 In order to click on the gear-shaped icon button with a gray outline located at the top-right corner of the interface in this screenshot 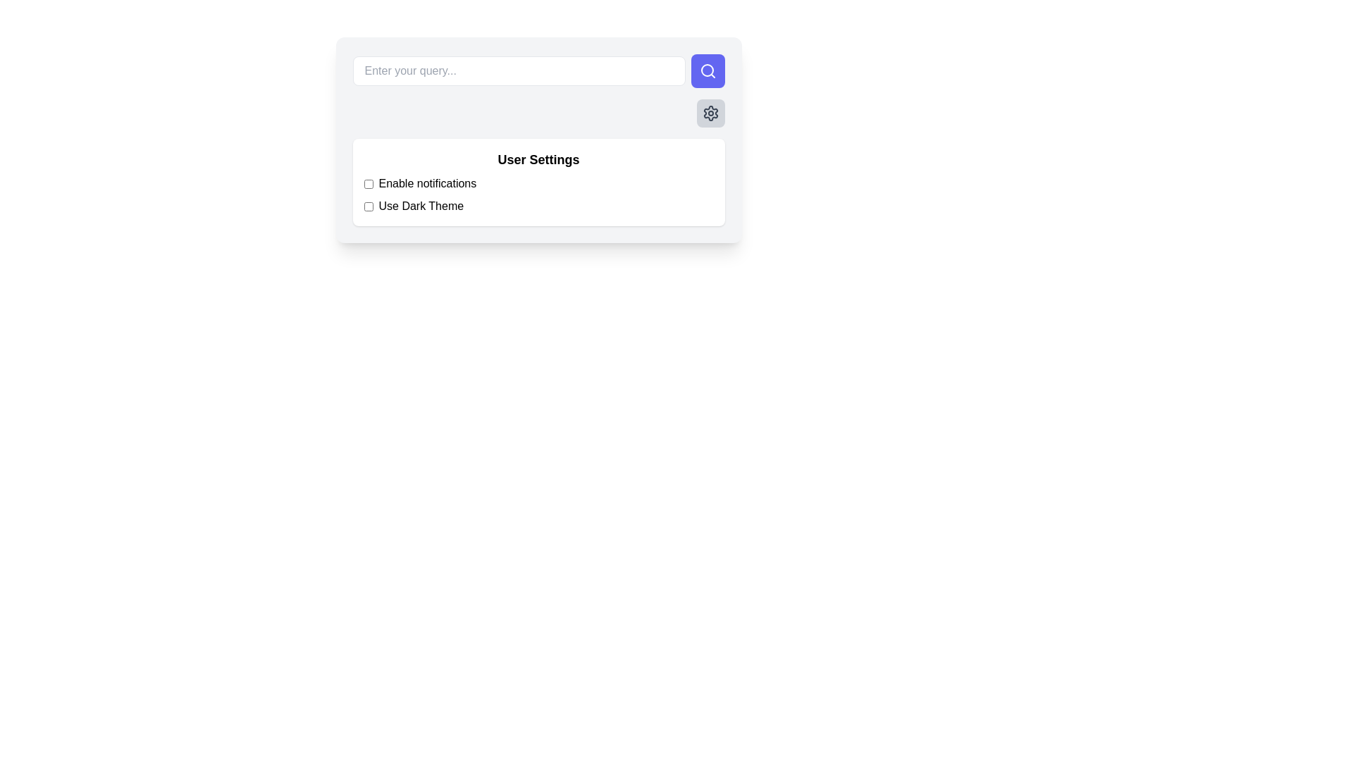, I will do `click(710, 113)`.